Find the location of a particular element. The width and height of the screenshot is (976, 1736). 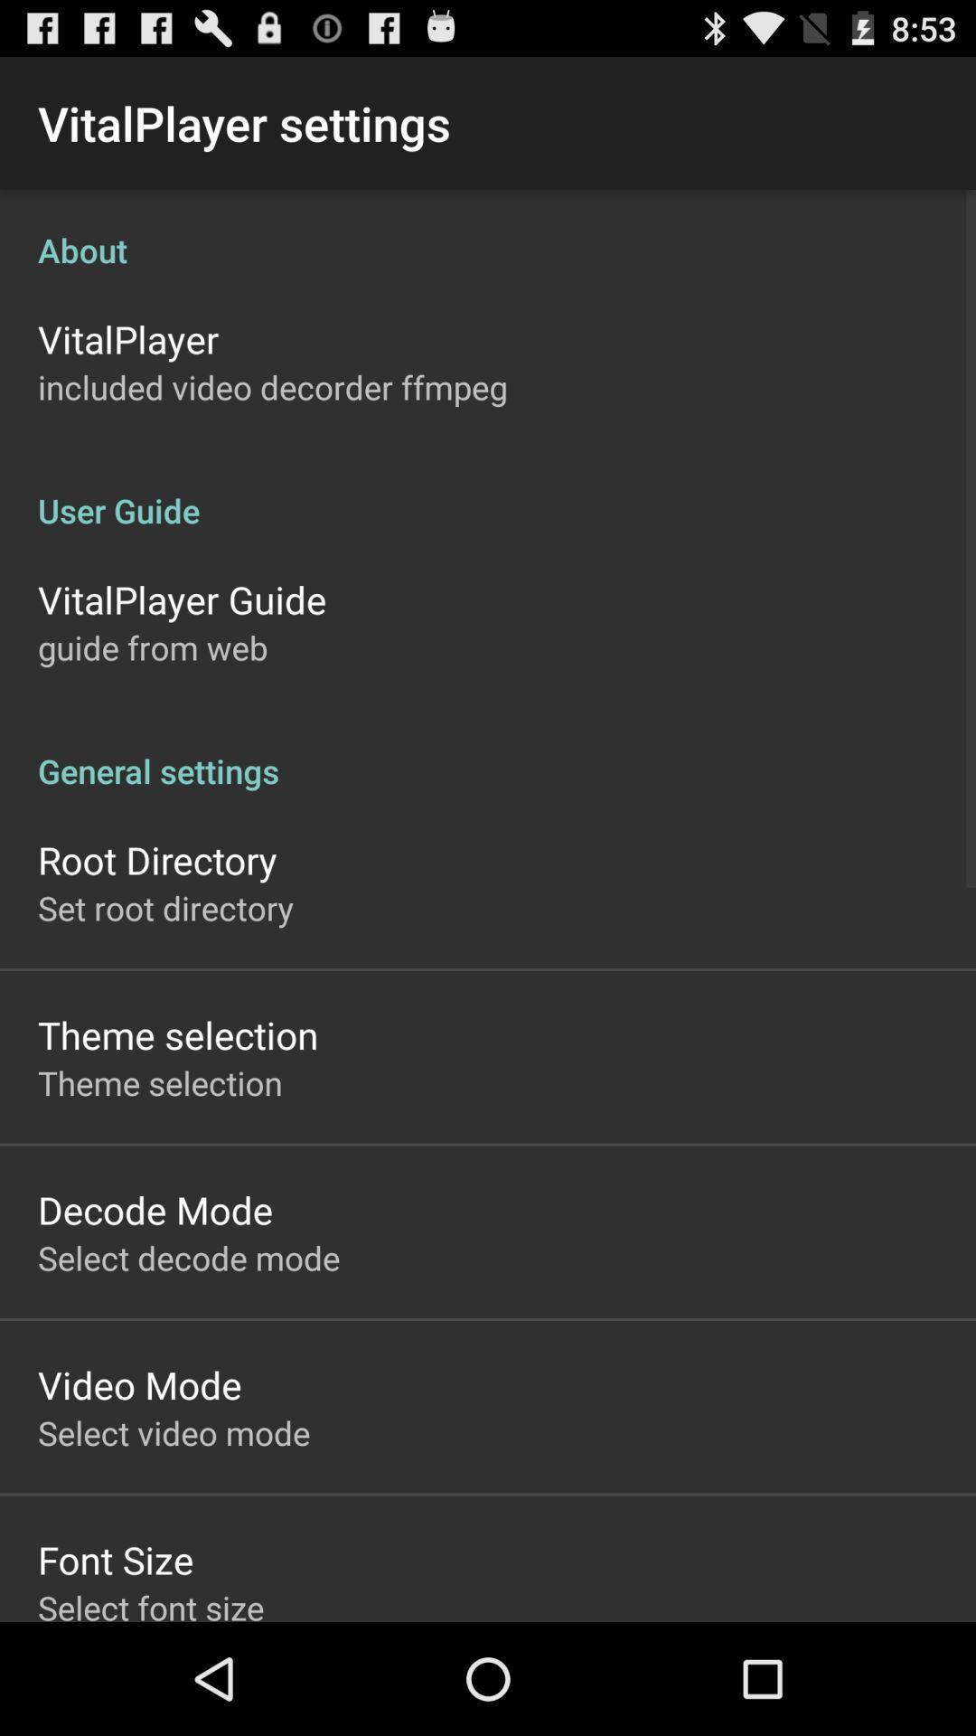

the general settings app is located at coordinates (488, 751).